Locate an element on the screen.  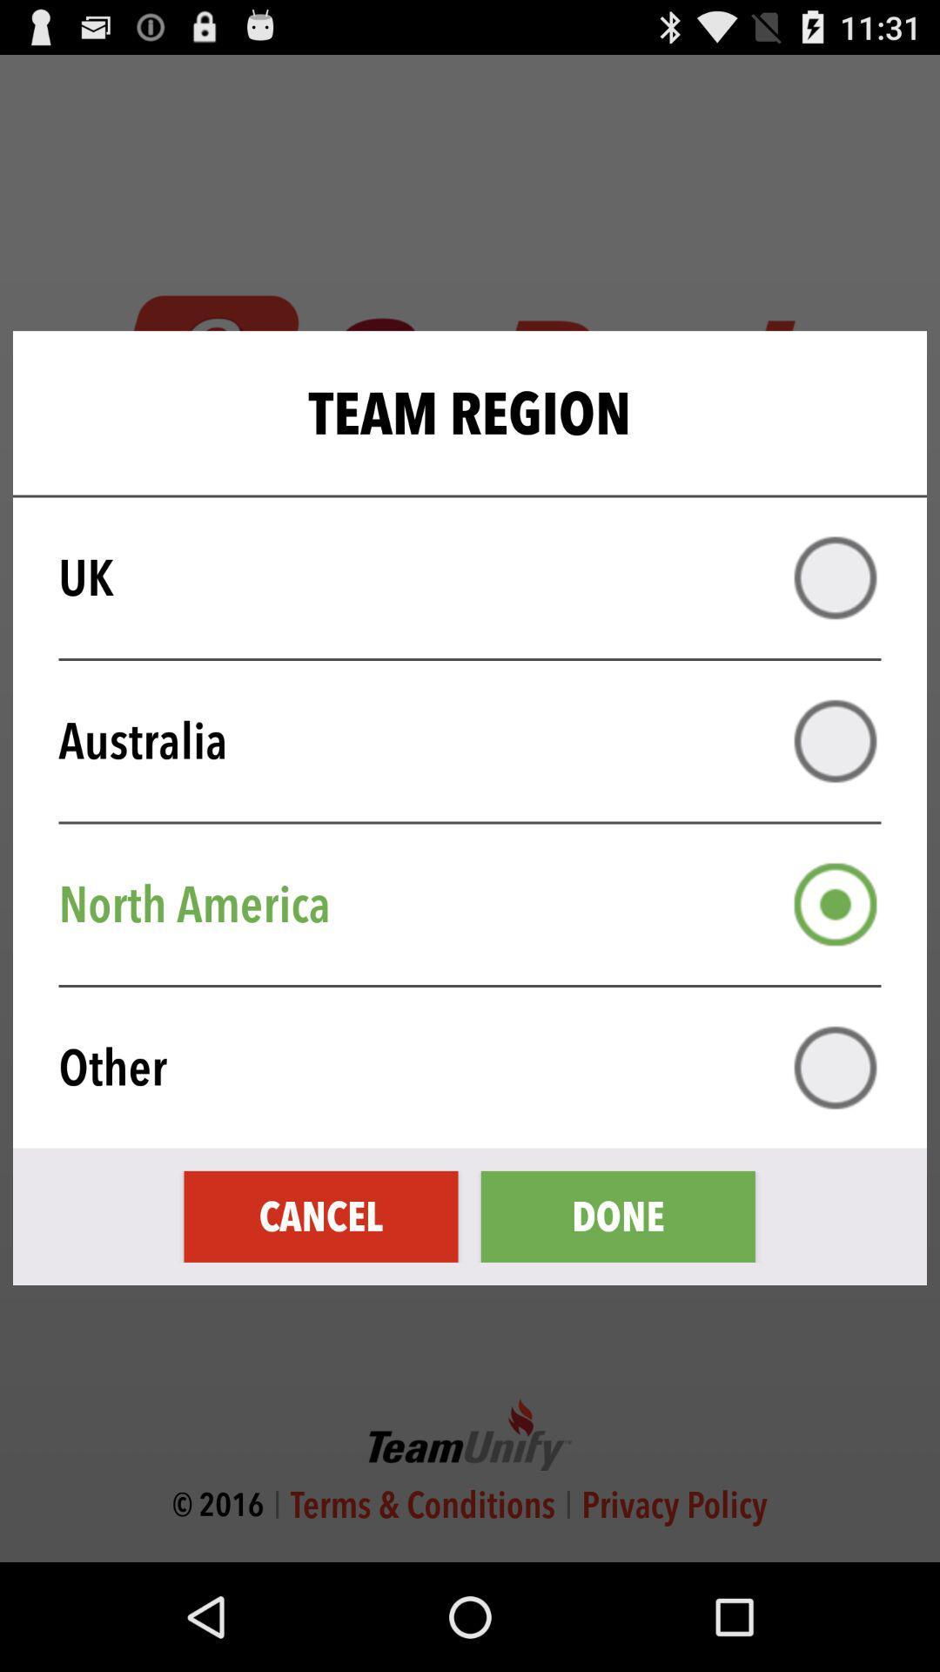
region is located at coordinates (835, 904).